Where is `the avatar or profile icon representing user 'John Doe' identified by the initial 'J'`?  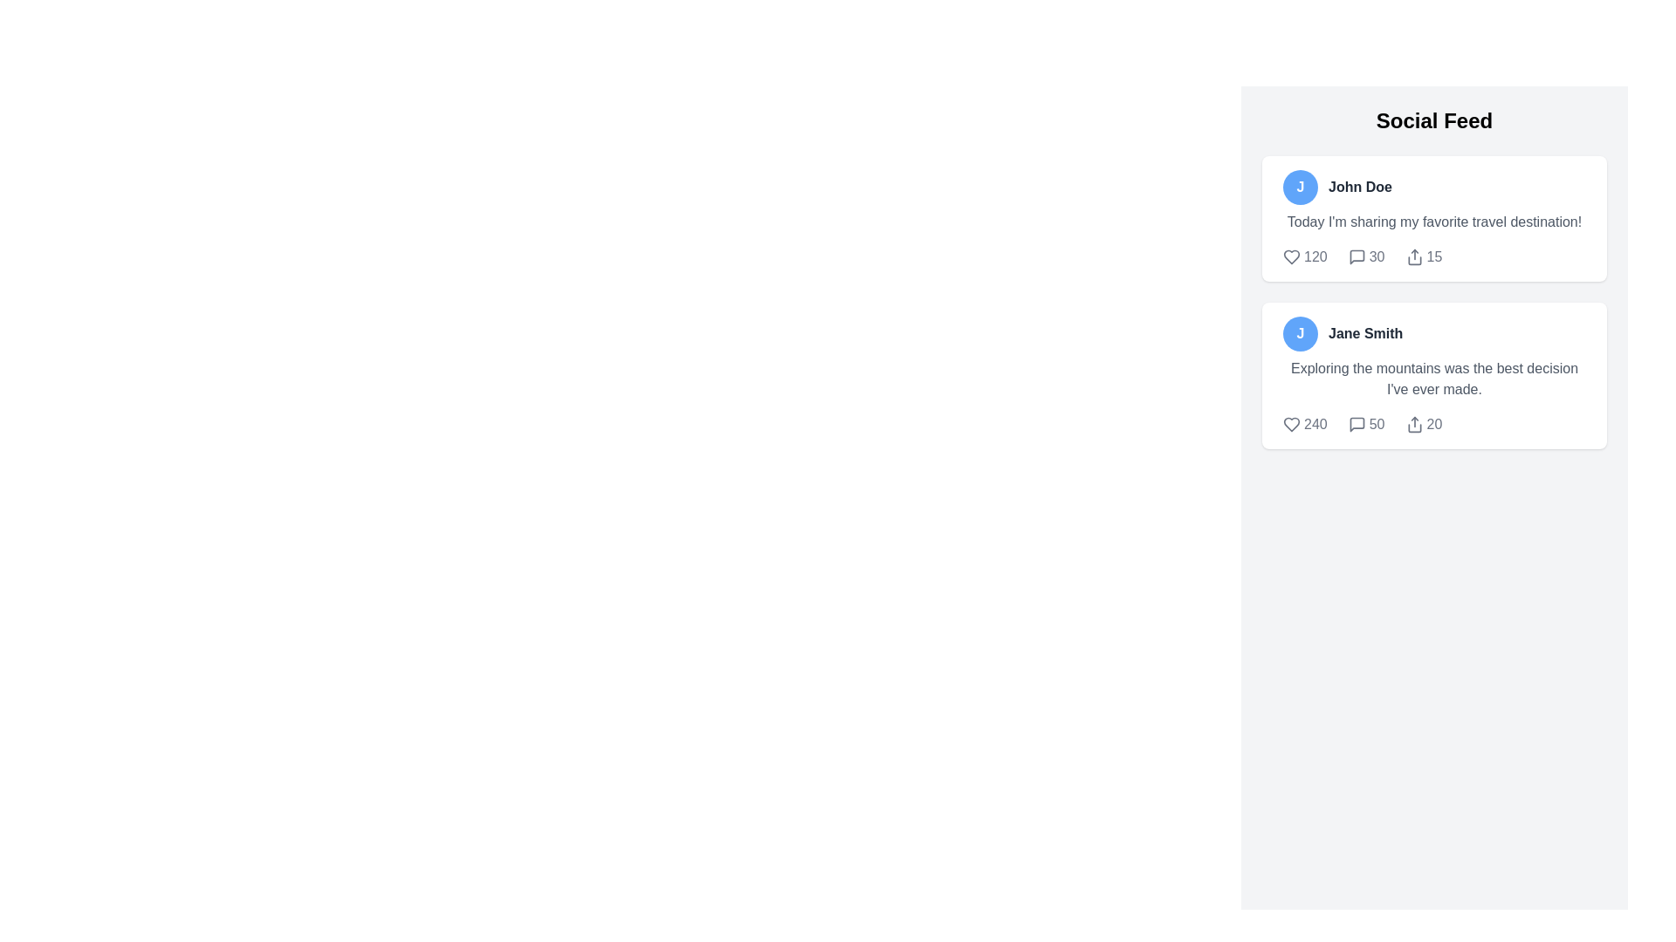
the avatar or profile icon representing user 'John Doe' identified by the initial 'J' is located at coordinates (1300, 188).